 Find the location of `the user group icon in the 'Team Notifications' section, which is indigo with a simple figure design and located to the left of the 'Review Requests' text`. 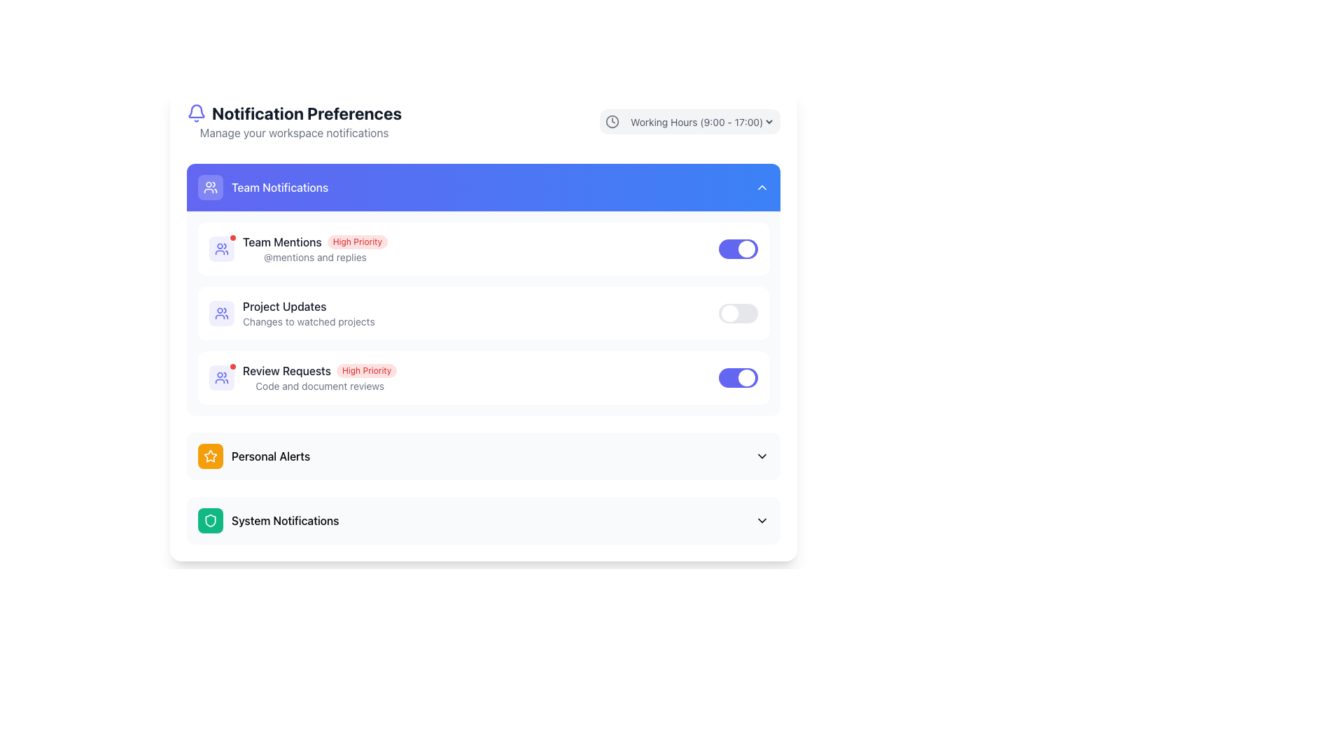

the user group icon in the 'Team Notifications' section, which is indigo with a simple figure design and located to the left of the 'Review Requests' text is located at coordinates (220, 378).